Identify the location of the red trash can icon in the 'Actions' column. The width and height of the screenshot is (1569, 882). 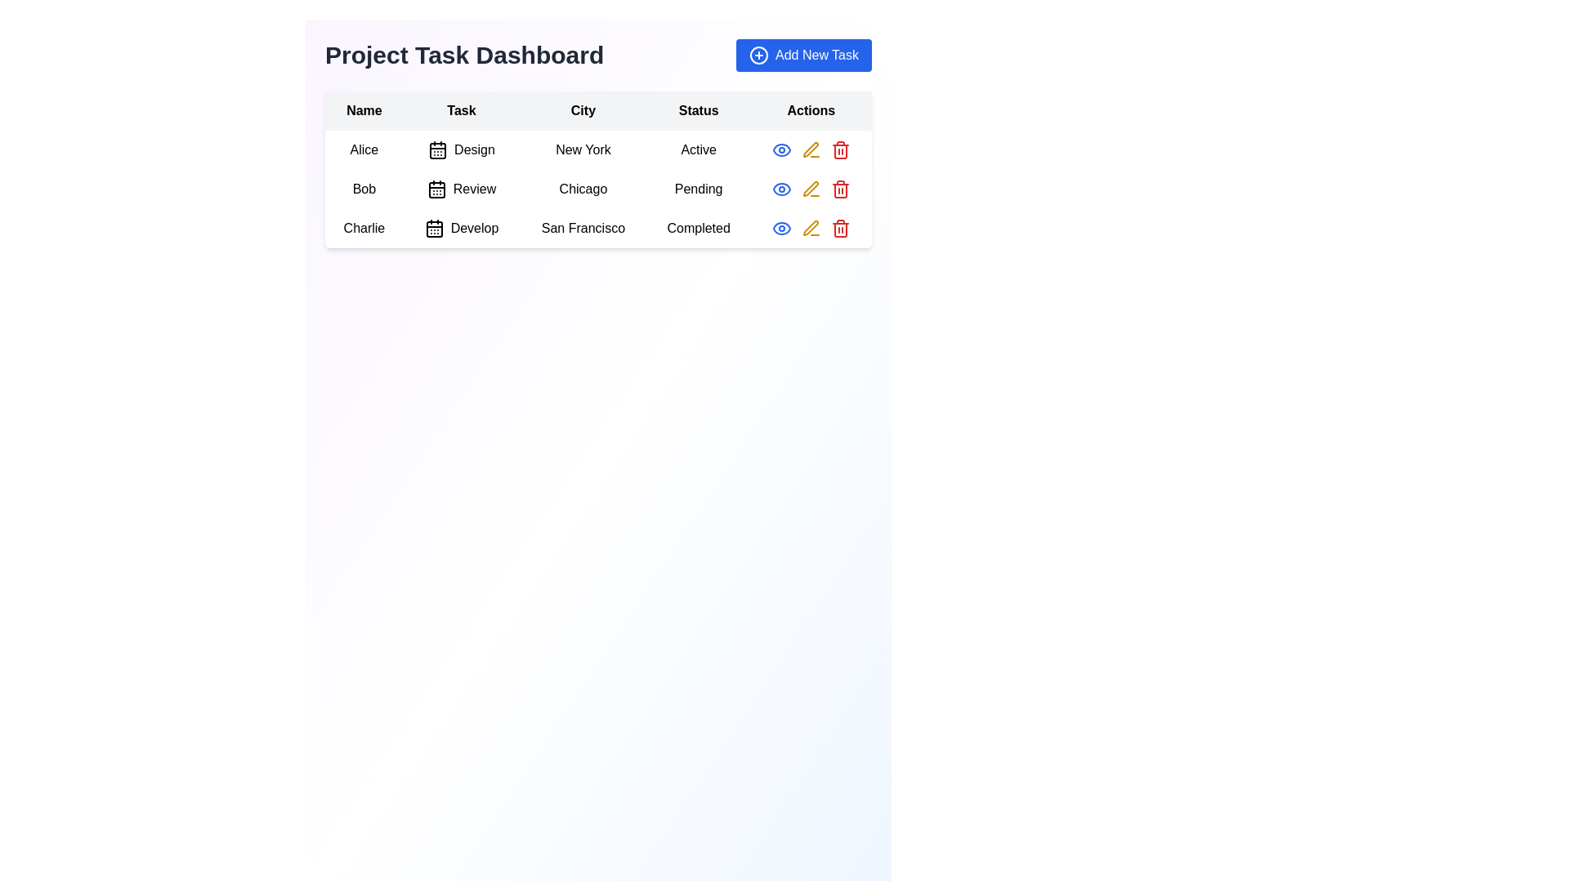
(840, 229).